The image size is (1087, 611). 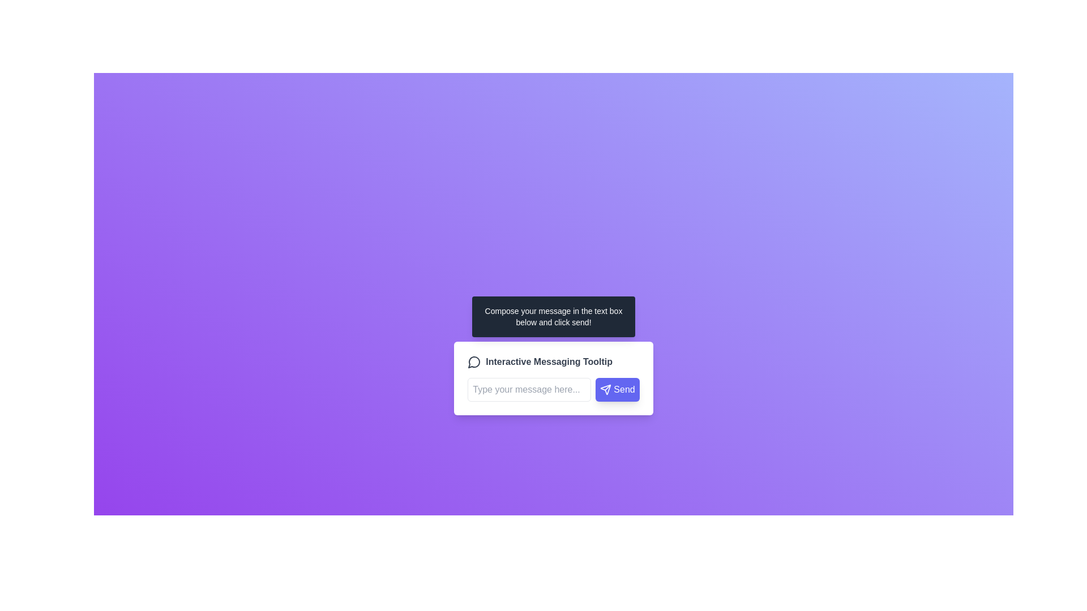 I want to click on the text input field to place the cursor for typing a message, so click(x=529, y=389).